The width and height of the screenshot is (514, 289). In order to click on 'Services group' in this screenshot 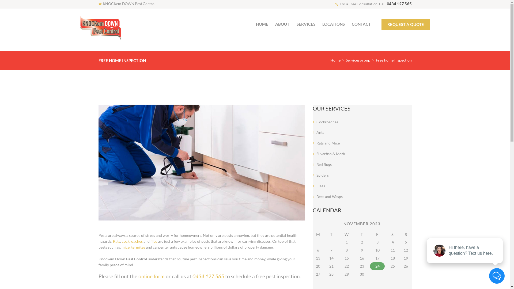, I will do `click(346, 60)`.